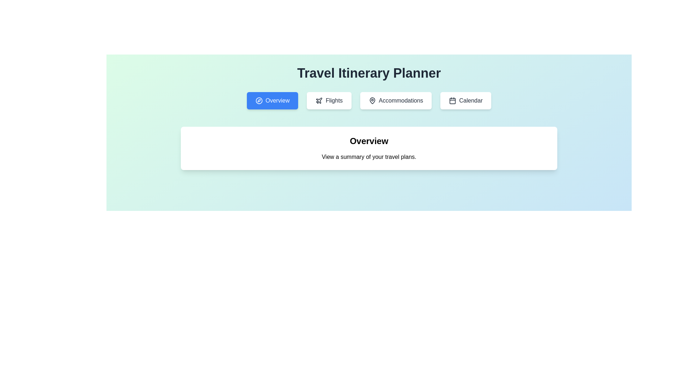 This screenshot has height=390, width=693. Describe the element at coordinates (452, 101) in the screenshot. I see `the graphical shape that is part of the calendar icon located to the right of the navigation buttons labeled 'Overview', 'Flights', and 'Accommodations'` at that location.